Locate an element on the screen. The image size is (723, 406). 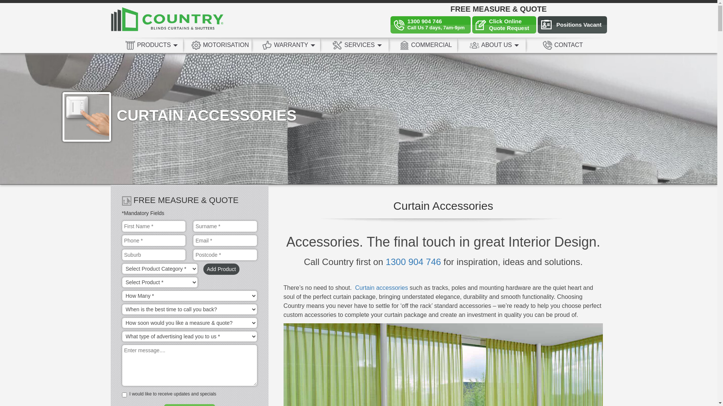
'Click Online is located at coordinates (504, 24).